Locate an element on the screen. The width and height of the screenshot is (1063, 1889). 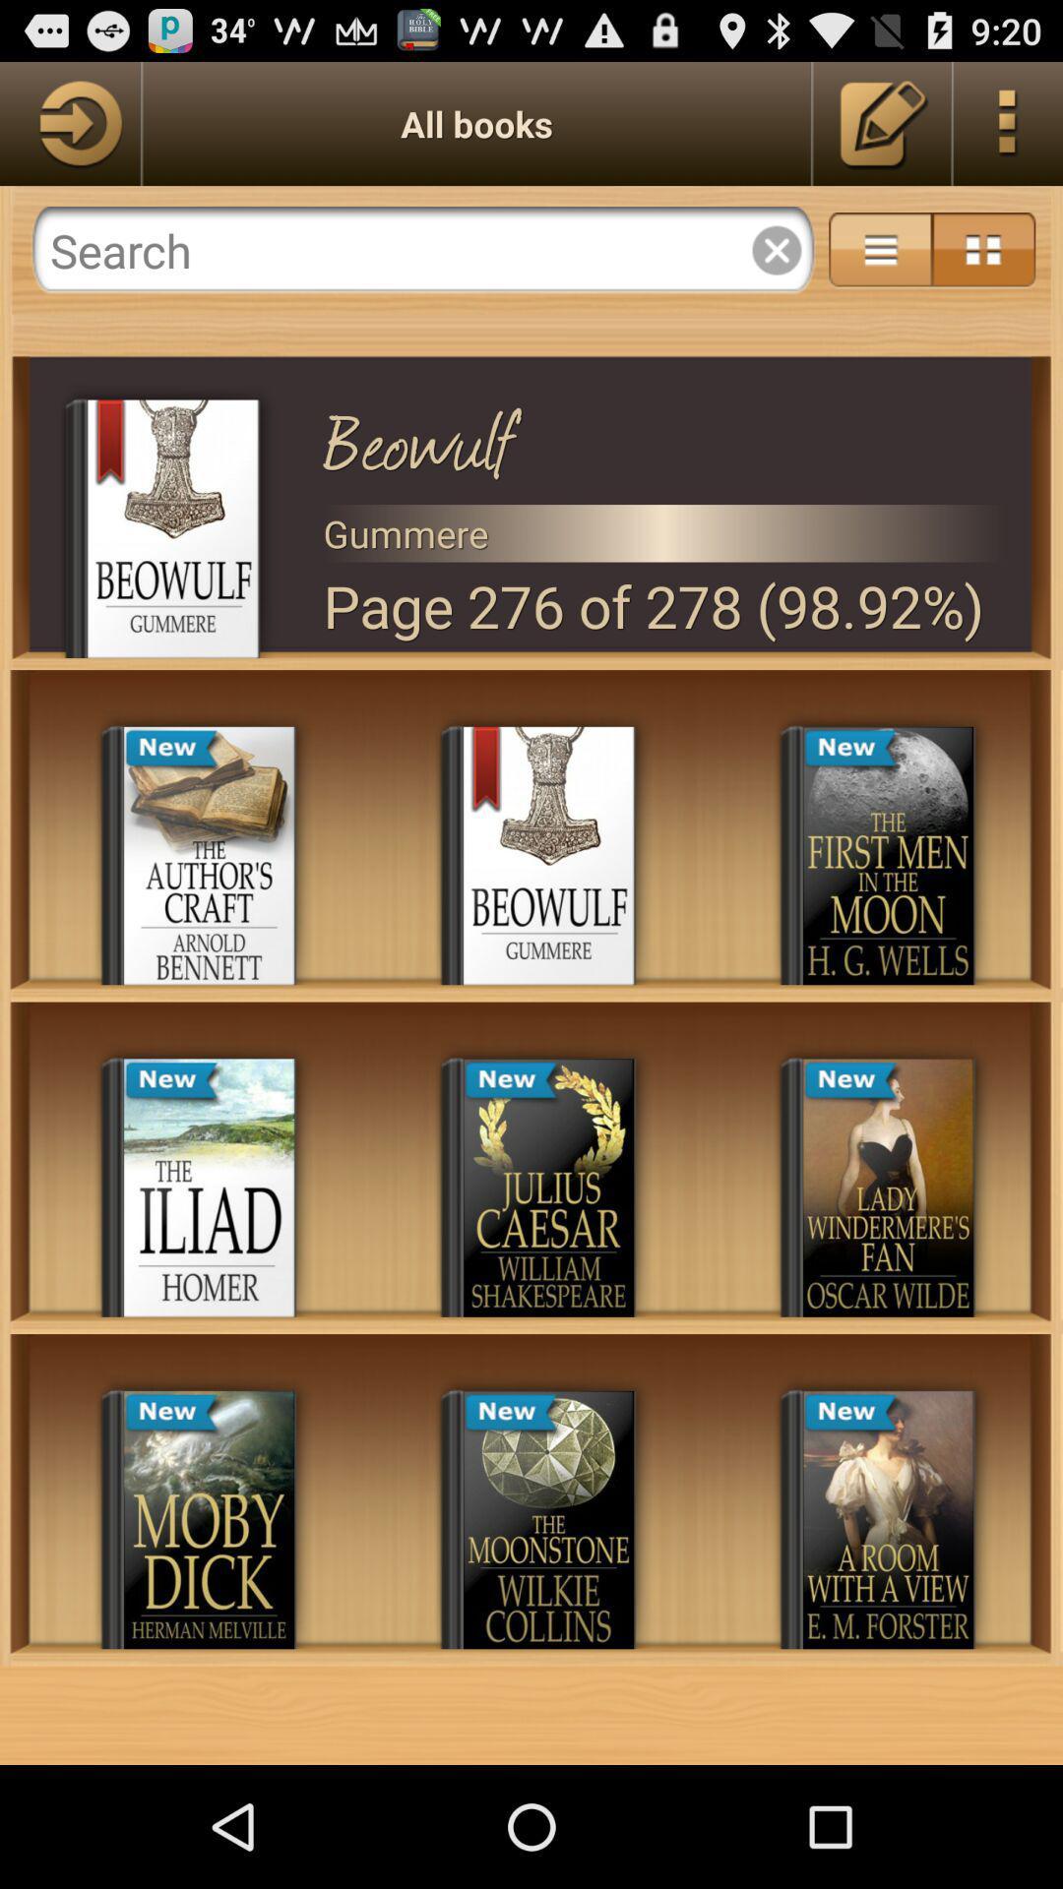
edit book is located at coordinates (882, 122).